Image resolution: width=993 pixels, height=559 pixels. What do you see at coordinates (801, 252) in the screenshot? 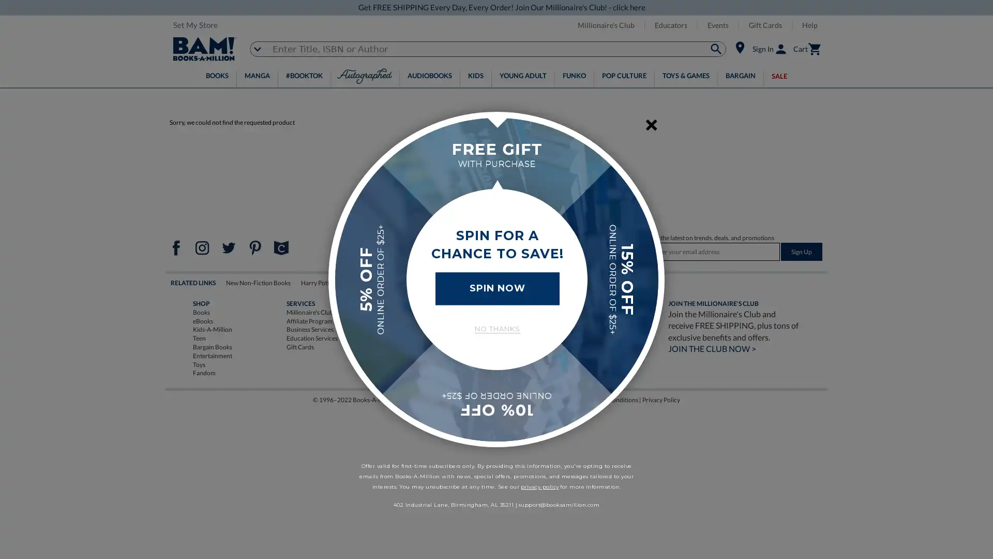
I see `Sign Up` at bounding box center [801, 252].